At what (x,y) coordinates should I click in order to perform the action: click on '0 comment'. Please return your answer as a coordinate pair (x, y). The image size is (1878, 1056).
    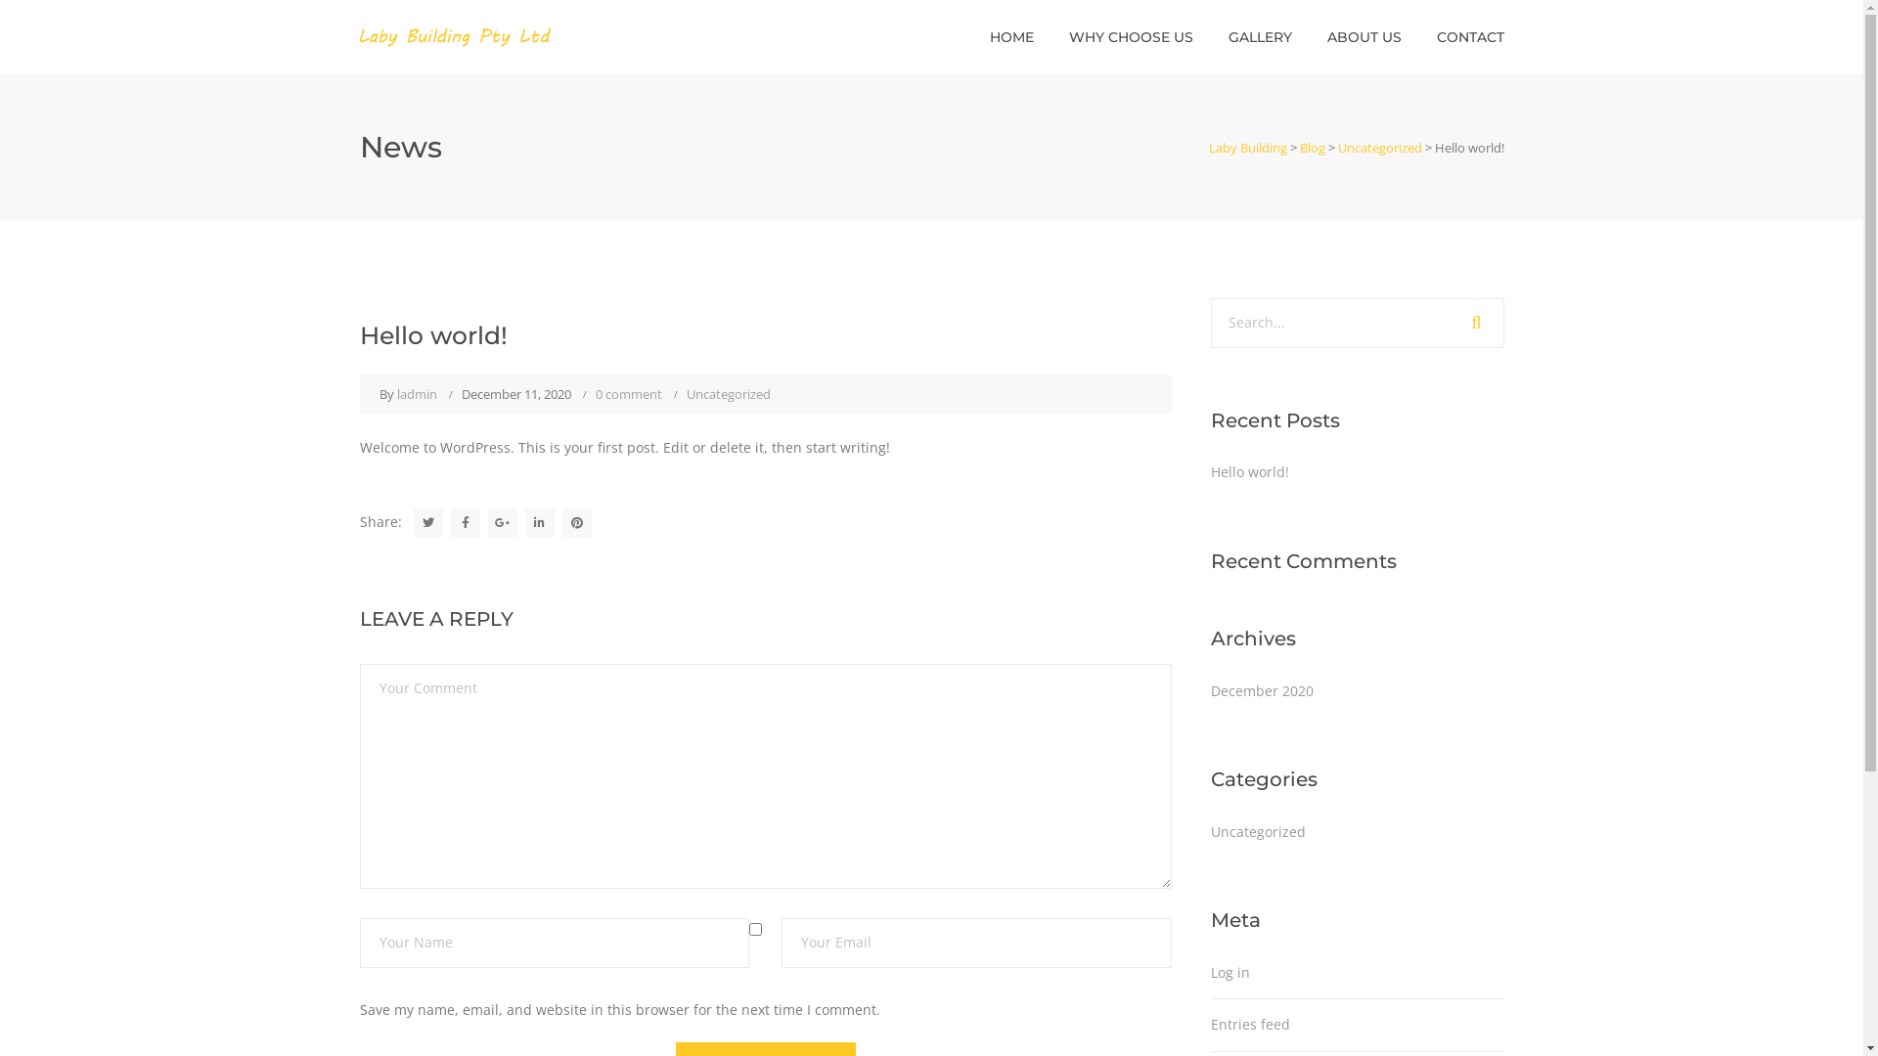
    Looking at the image, I should click on (628, 393).